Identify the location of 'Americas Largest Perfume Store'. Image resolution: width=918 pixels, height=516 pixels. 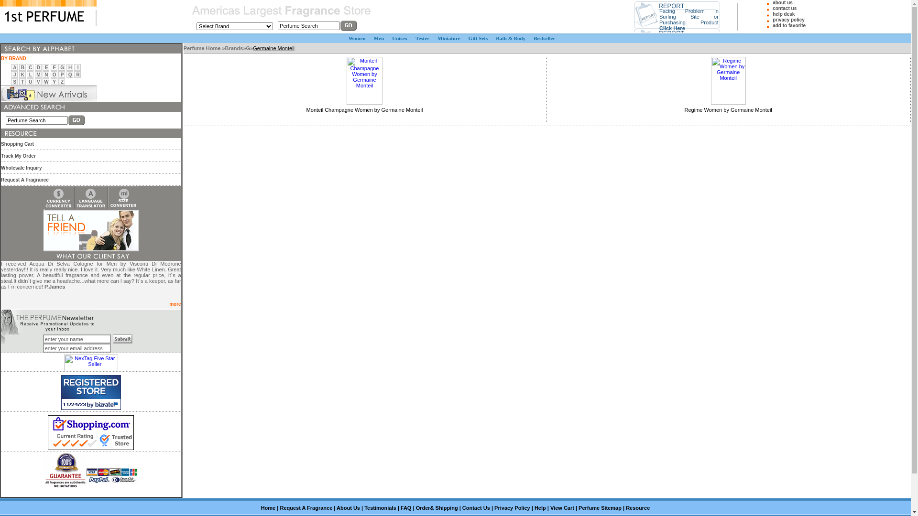
(281, 11).